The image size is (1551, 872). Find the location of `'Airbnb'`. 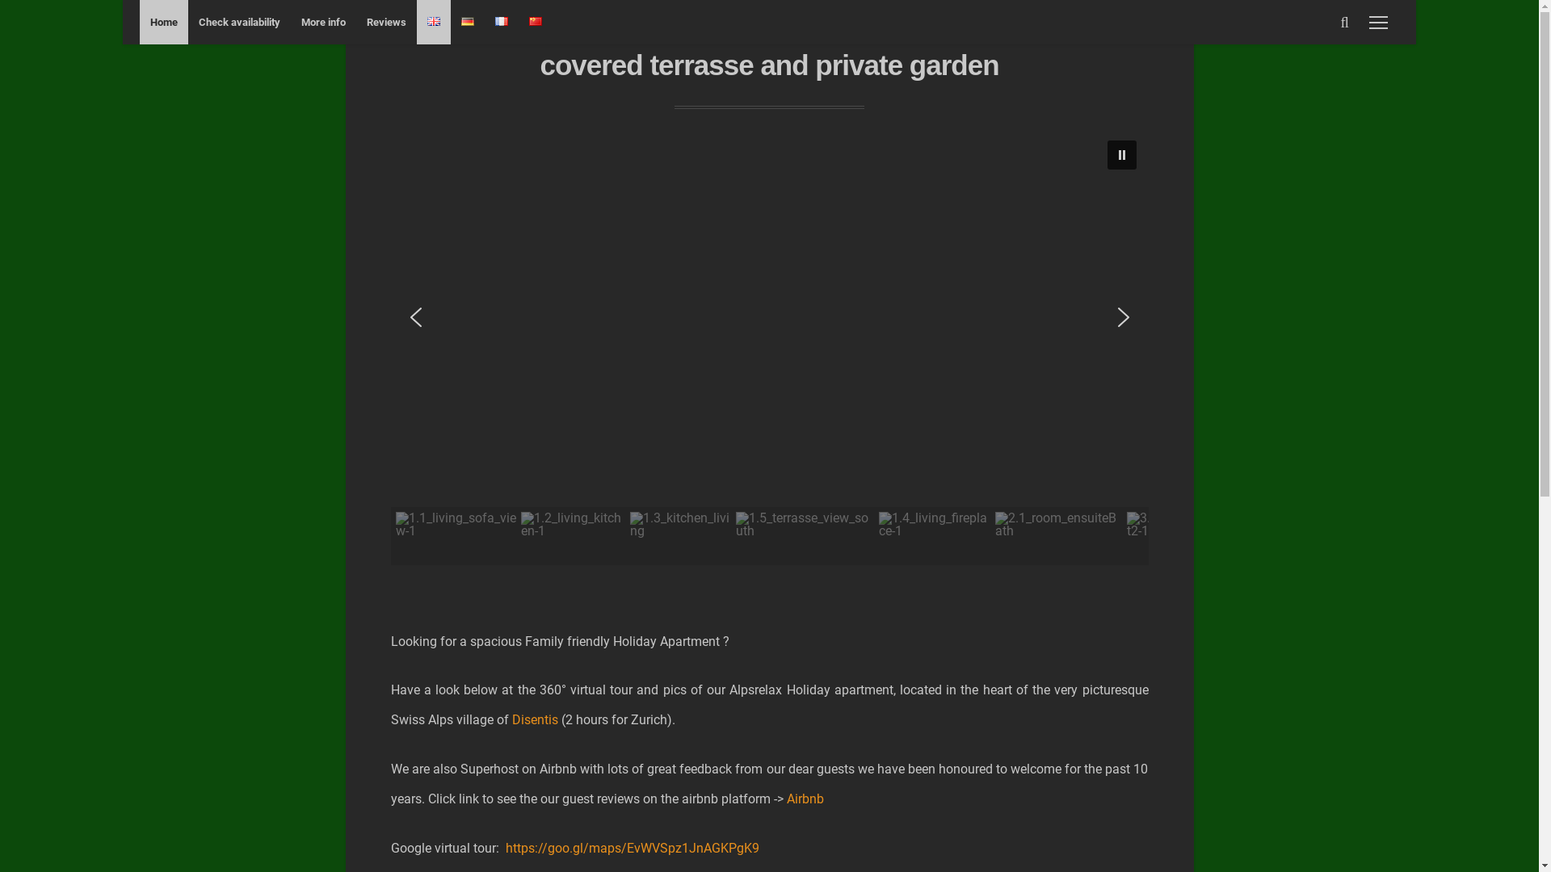

'Airbnb' is located at coordinates (805, 798).